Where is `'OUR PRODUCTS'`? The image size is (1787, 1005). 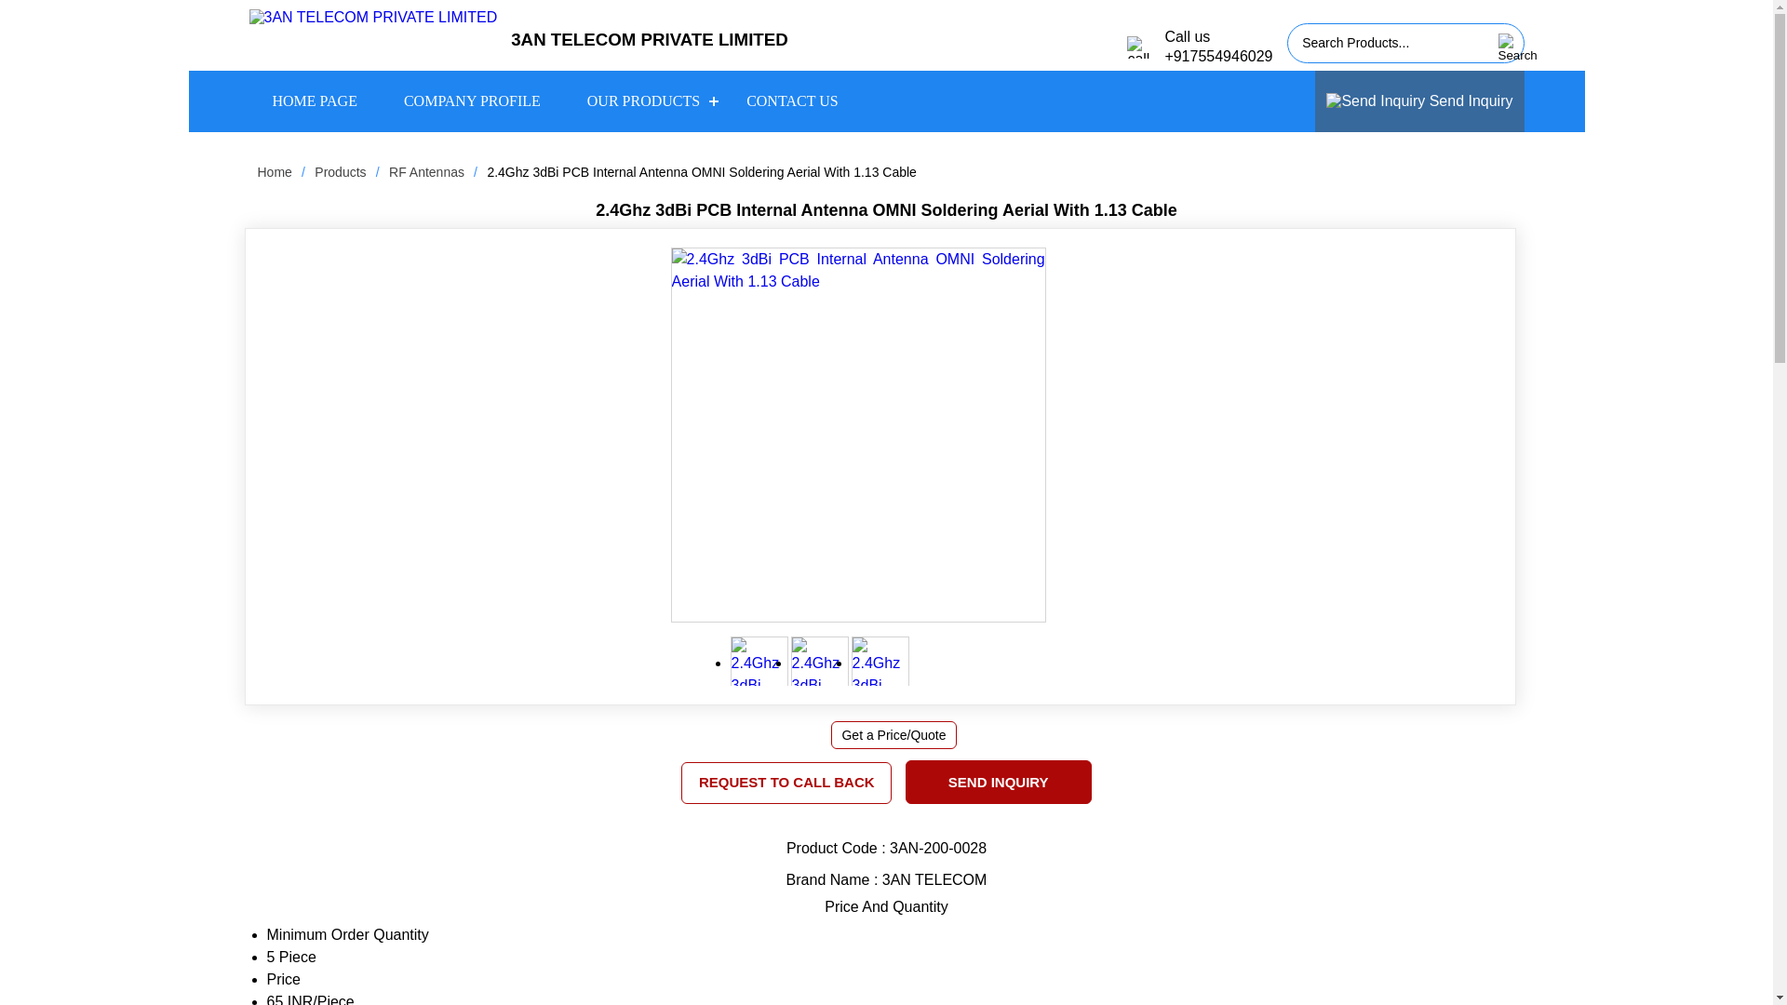 'OUR PRODUCTS' is located at coordinates (643, 100).